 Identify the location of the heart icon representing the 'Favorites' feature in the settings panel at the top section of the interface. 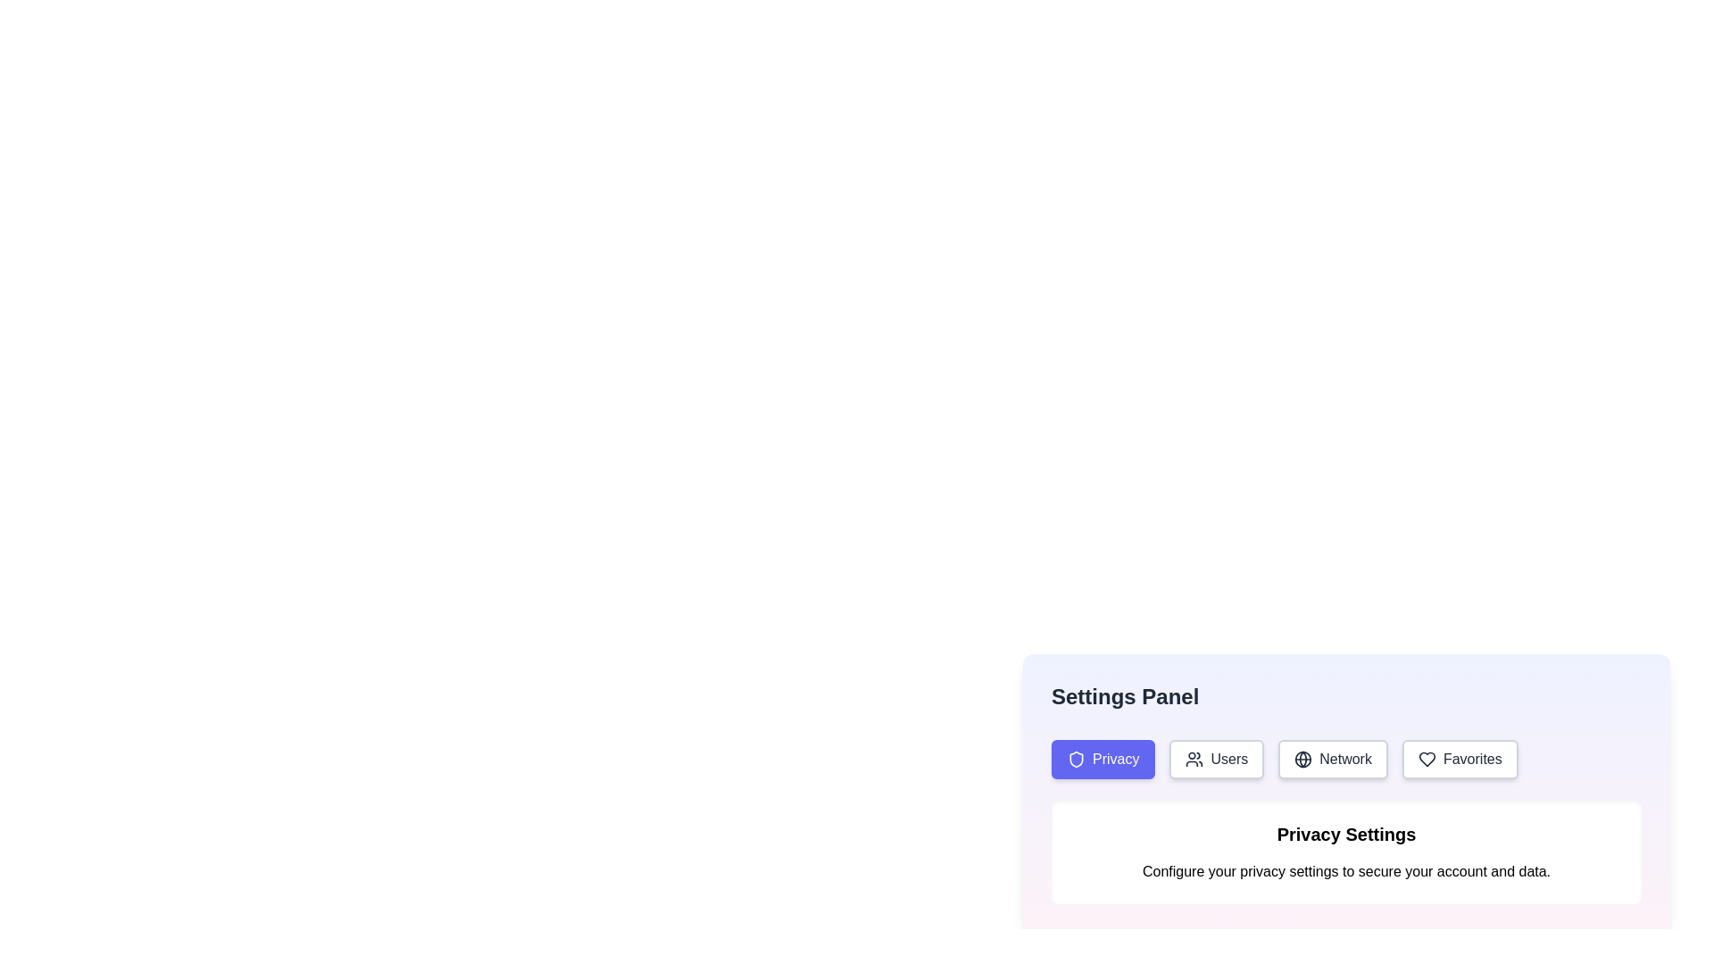
(1426, 760).